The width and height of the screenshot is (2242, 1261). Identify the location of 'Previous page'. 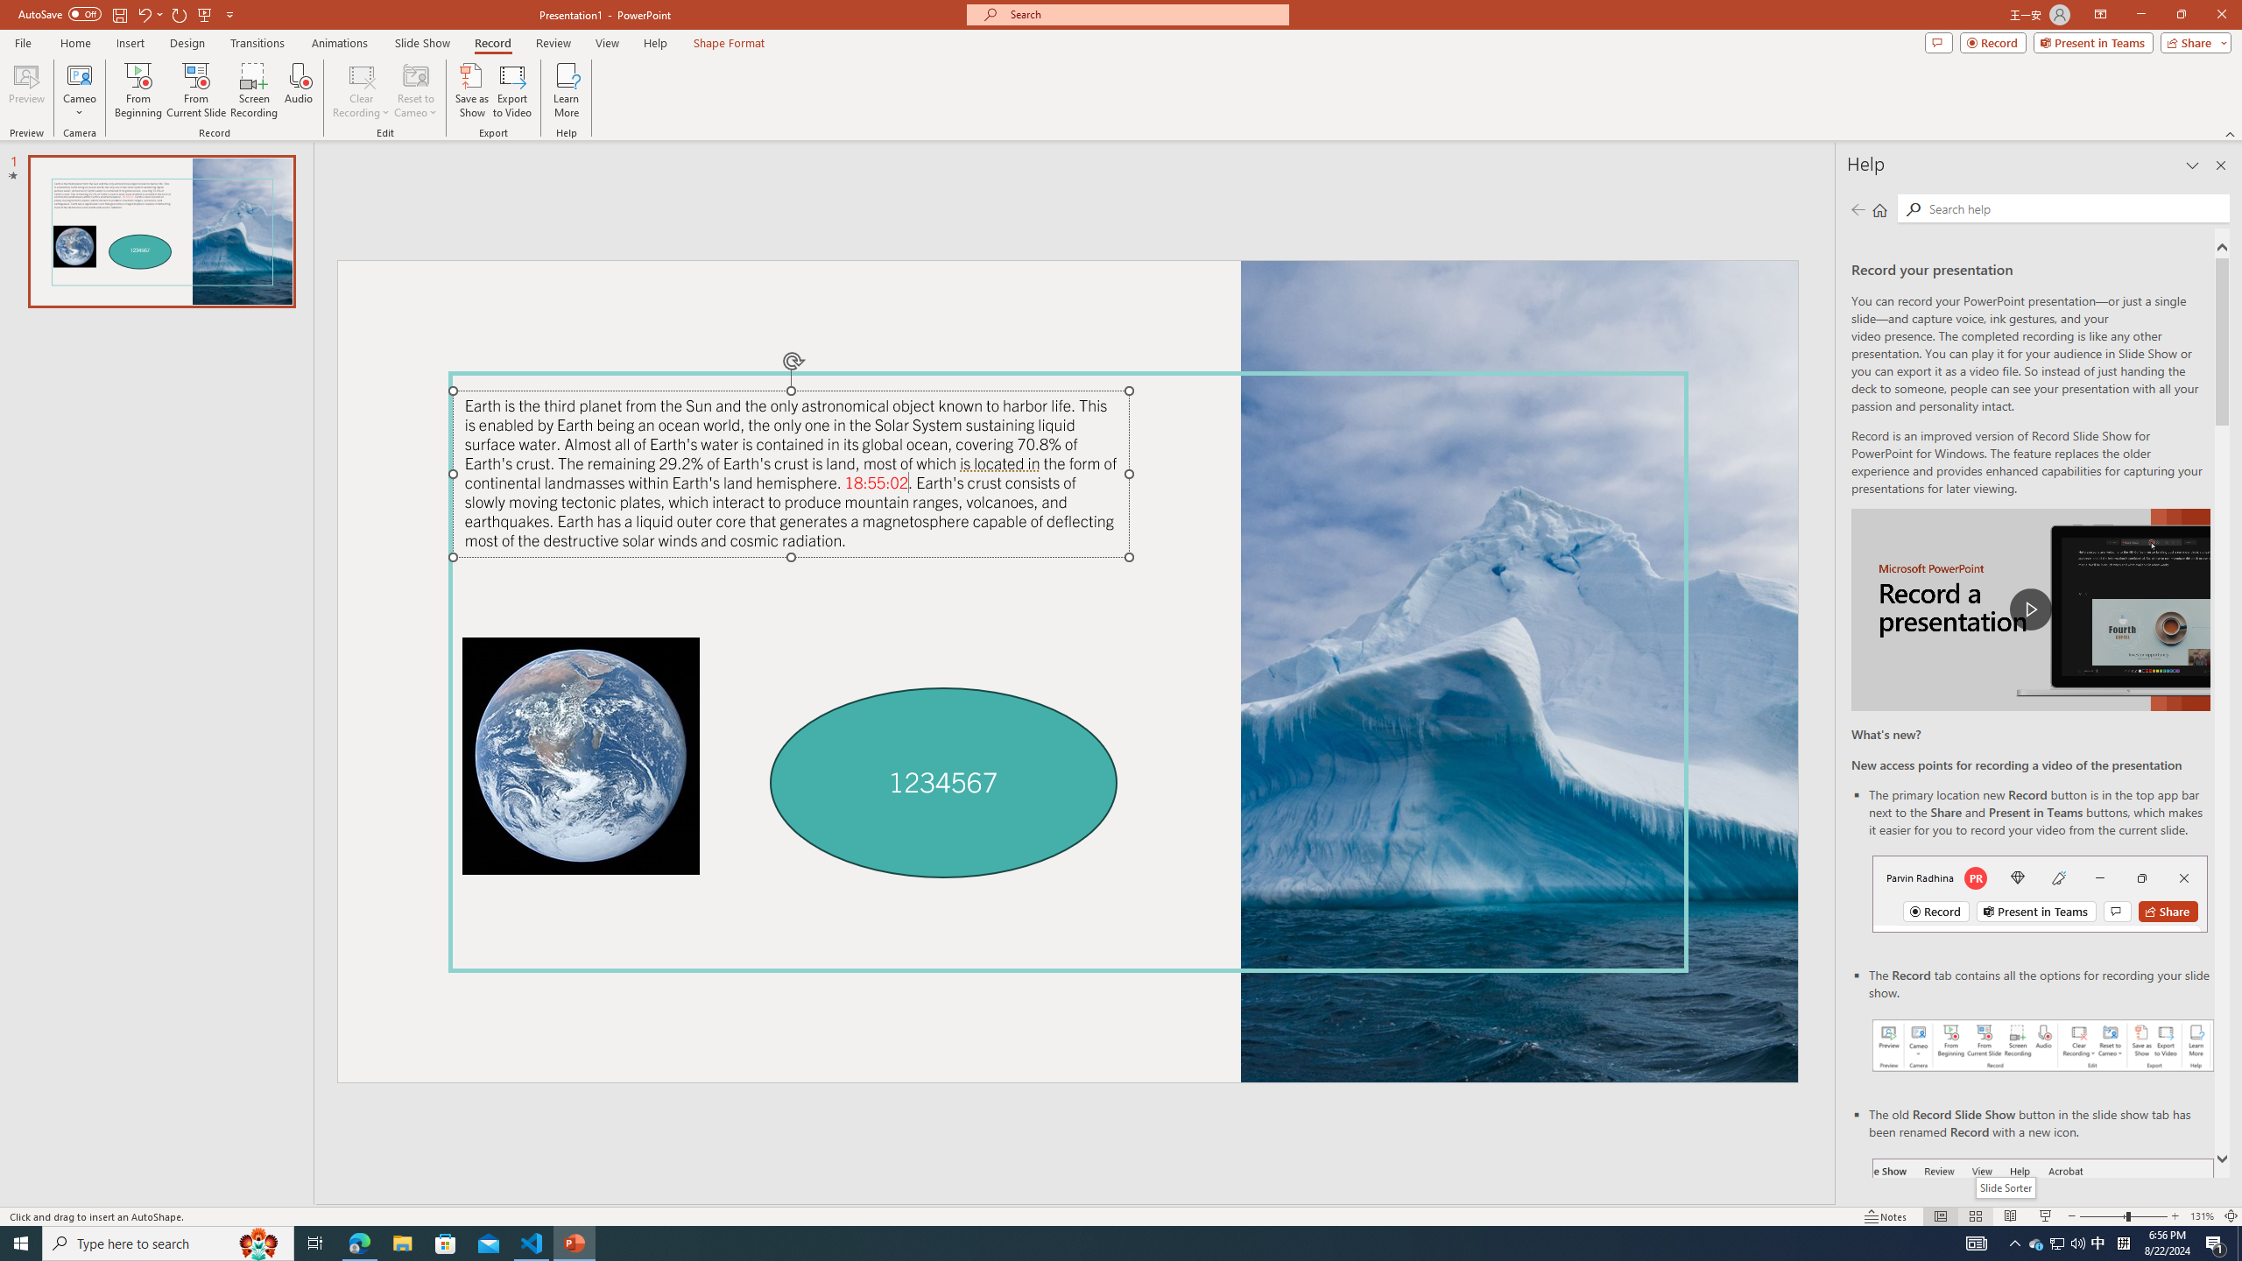
(1858, 208).